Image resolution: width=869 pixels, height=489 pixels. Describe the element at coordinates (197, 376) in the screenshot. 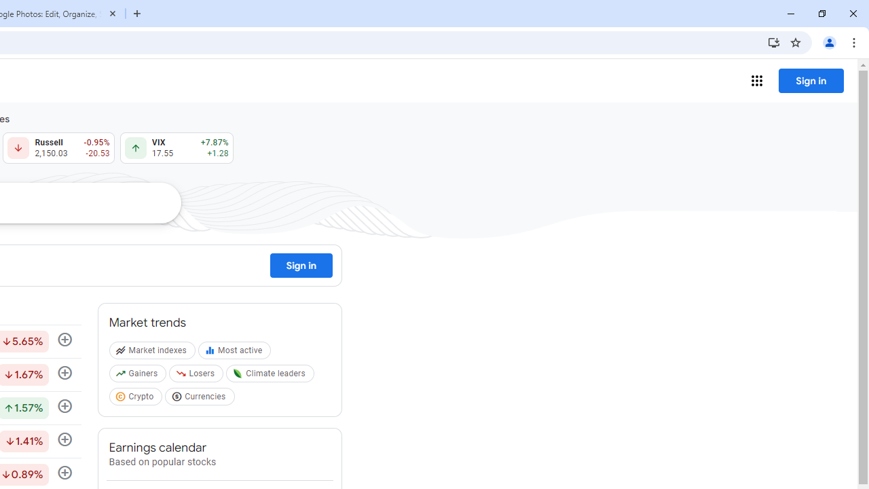

I see `'Losers'` at that location.